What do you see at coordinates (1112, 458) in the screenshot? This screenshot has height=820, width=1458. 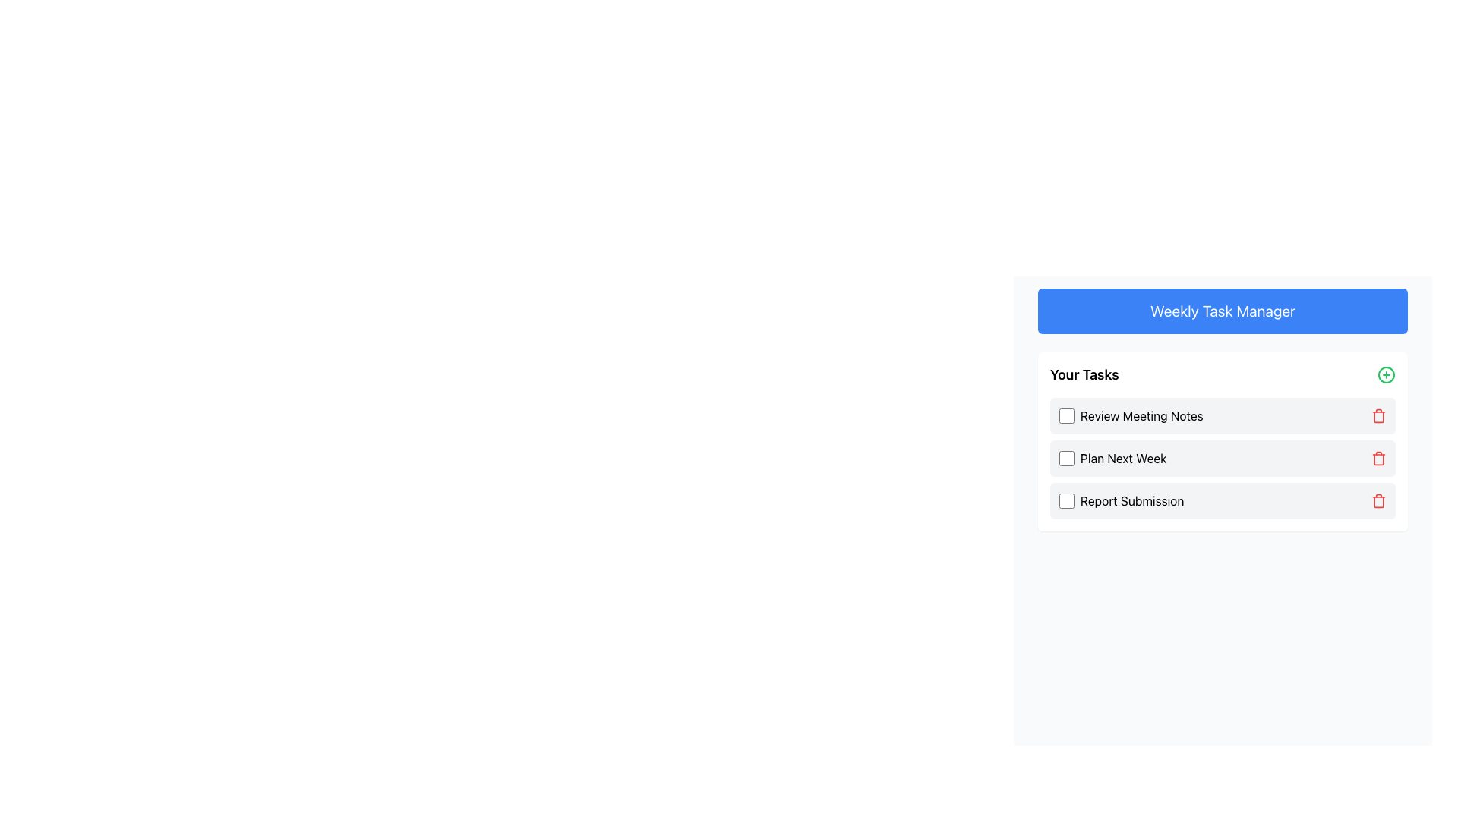 I see `the text label 'Plan Next Week' which is the second item in the list of tasks under 'Your Tasks', positioned directly to the right of its associated checkbox` at bounding box center [1112, 458].